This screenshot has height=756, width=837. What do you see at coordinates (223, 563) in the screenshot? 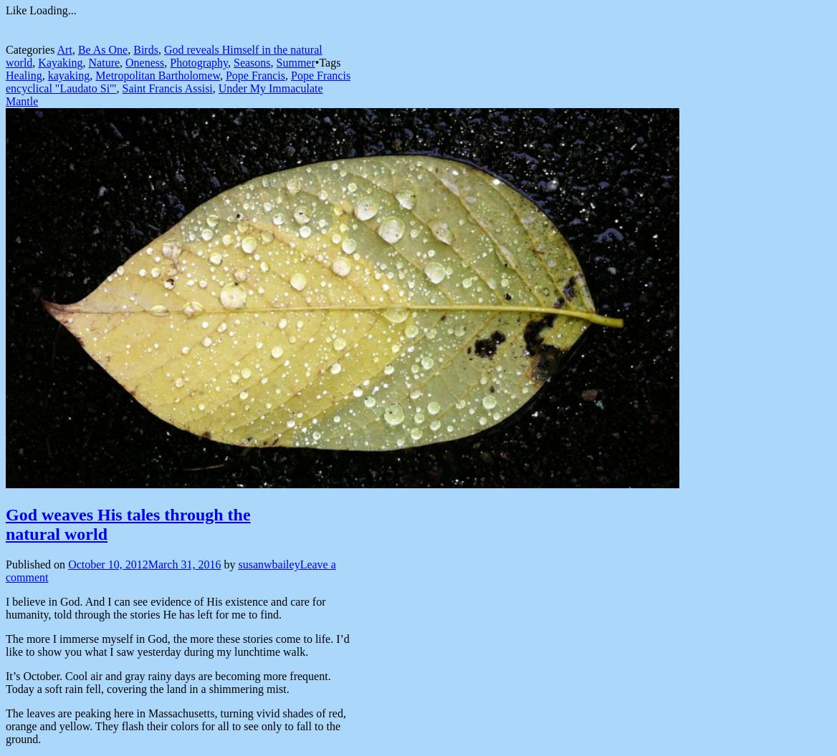
I see `'by'` at bounding box center [223, 563].